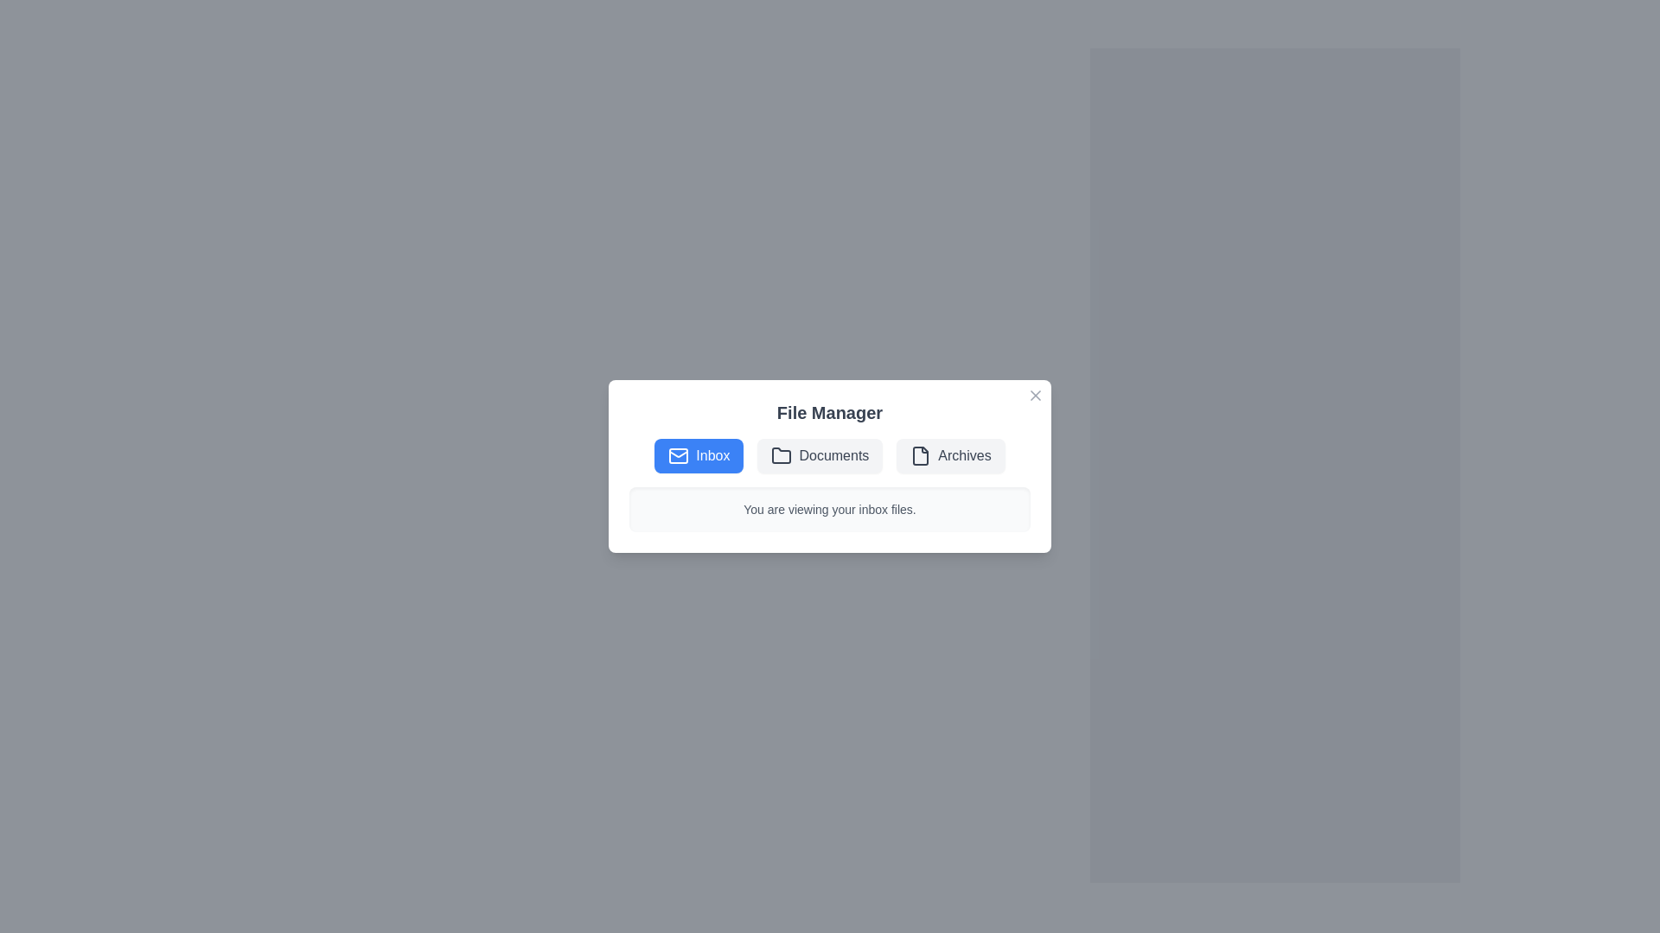 The height and width of the screenshot is (933, 1660). What do you see at coordinates (949, 455) in the screenshot?
I see `the rightmost button in the dialog box` at bounding box center [949, 455].